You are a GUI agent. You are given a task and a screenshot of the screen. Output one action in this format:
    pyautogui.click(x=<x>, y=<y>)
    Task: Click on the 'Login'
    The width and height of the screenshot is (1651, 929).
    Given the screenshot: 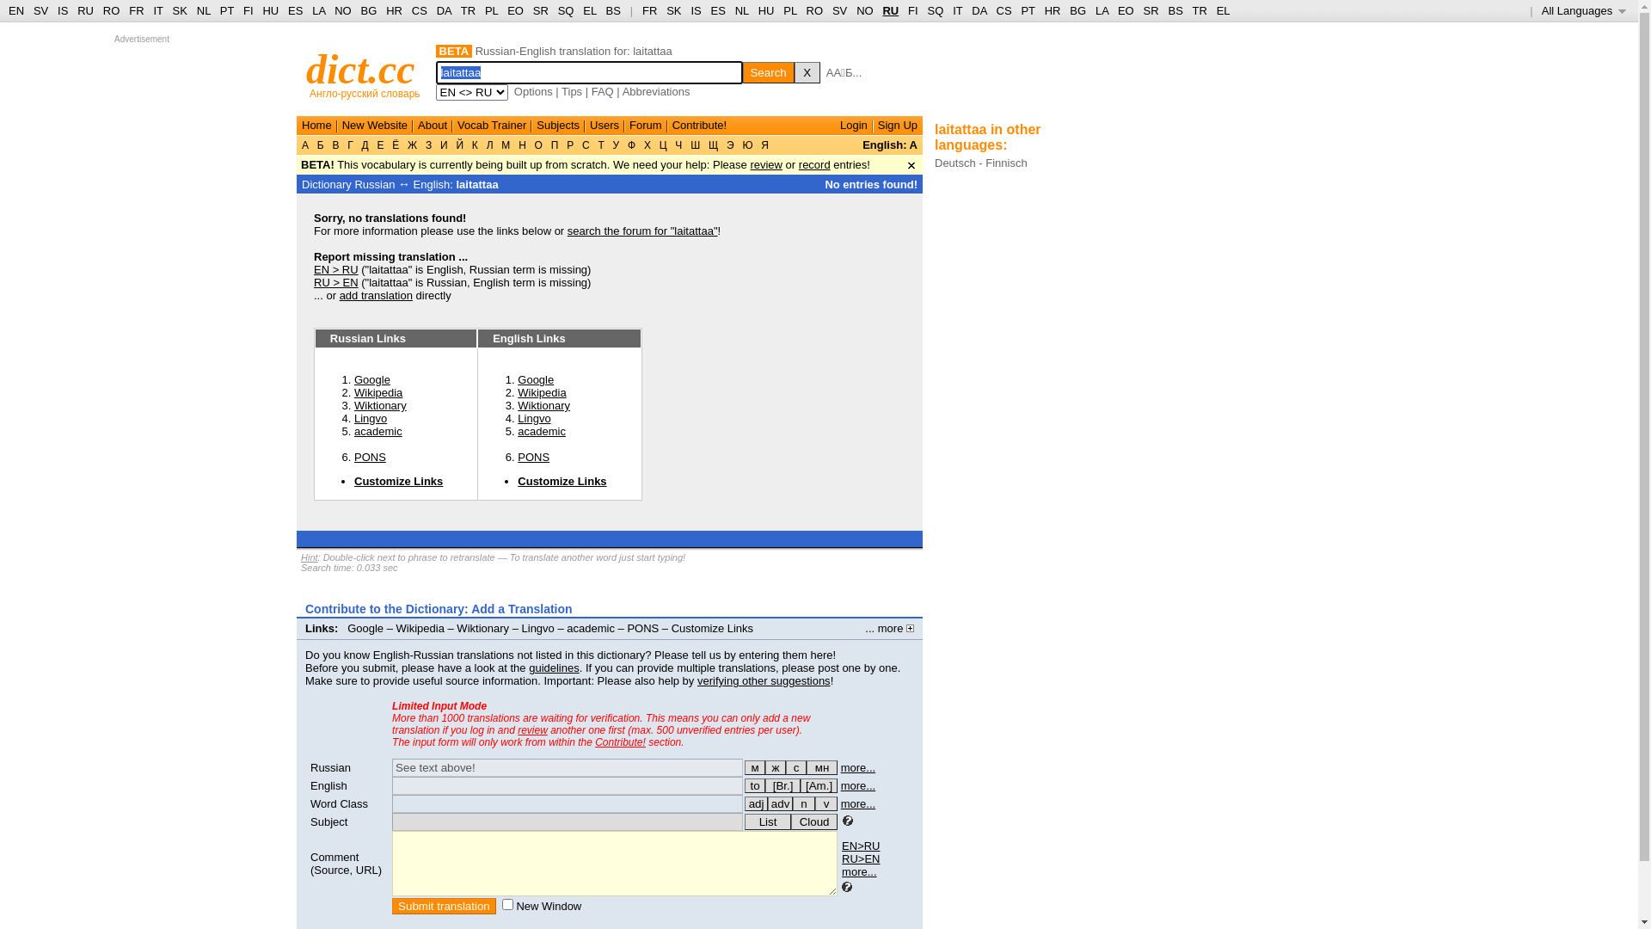 What is the action you would take?
    pyautogui.click(x=854, y=124)
    